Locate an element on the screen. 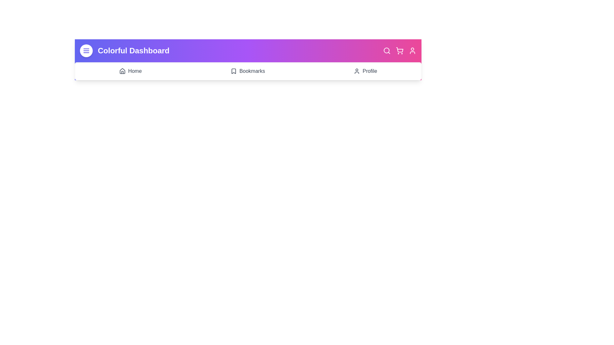 This screenshot has height=345, width=614. the interactive element Menu Button to observe visual feedback is located at coordinates (86, 50).